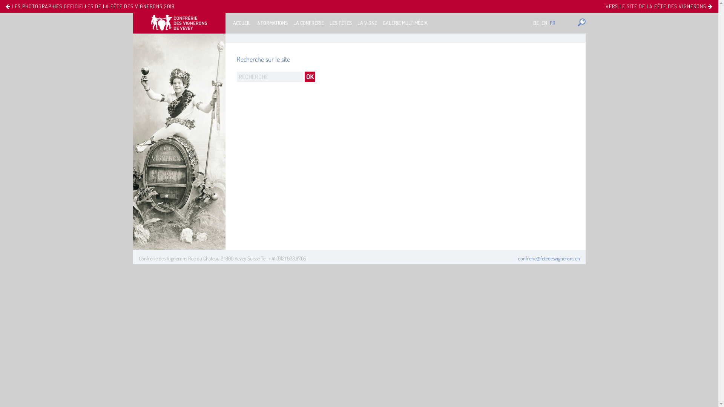 The height and width of the screenshot is (407, 724). What do you see at coordinates (242, 22) in the screenshot?
I see `'ACCUEIL'` at bounding box center [242, 22].